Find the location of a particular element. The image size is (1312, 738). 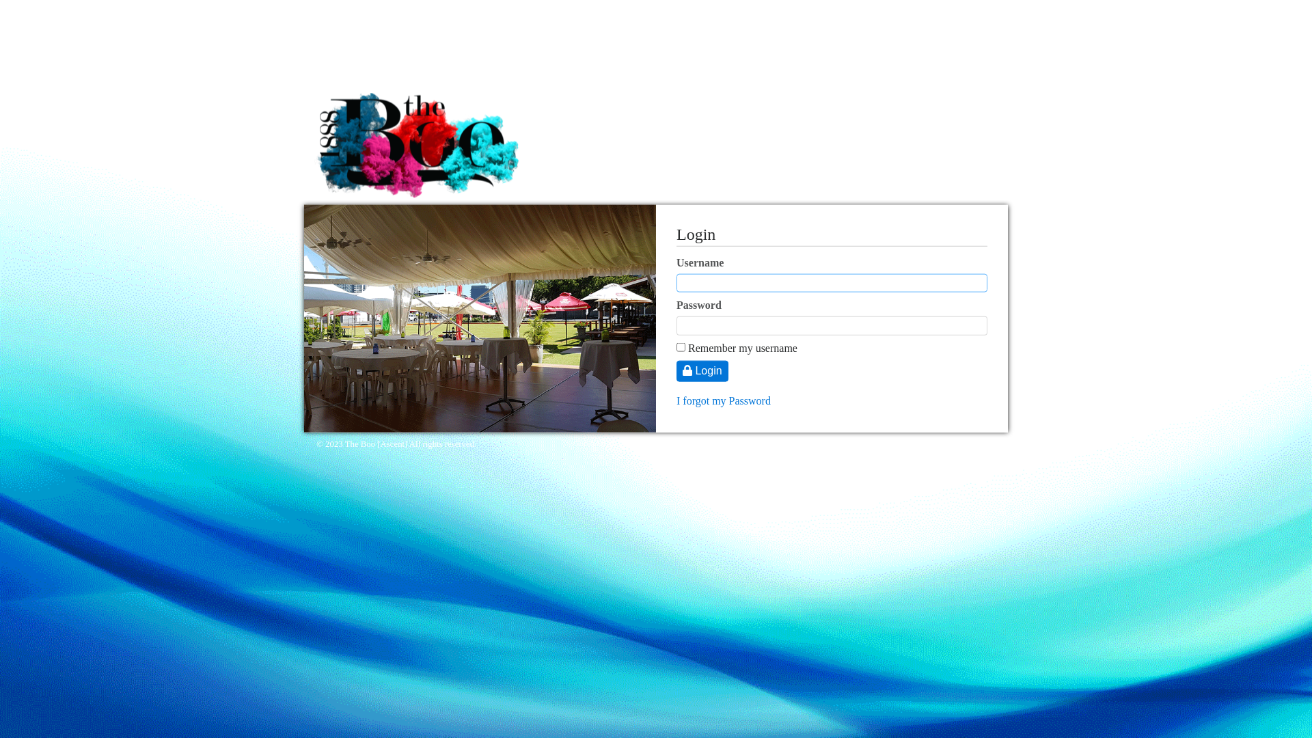

'Login' is located at coordinates (702, 371).